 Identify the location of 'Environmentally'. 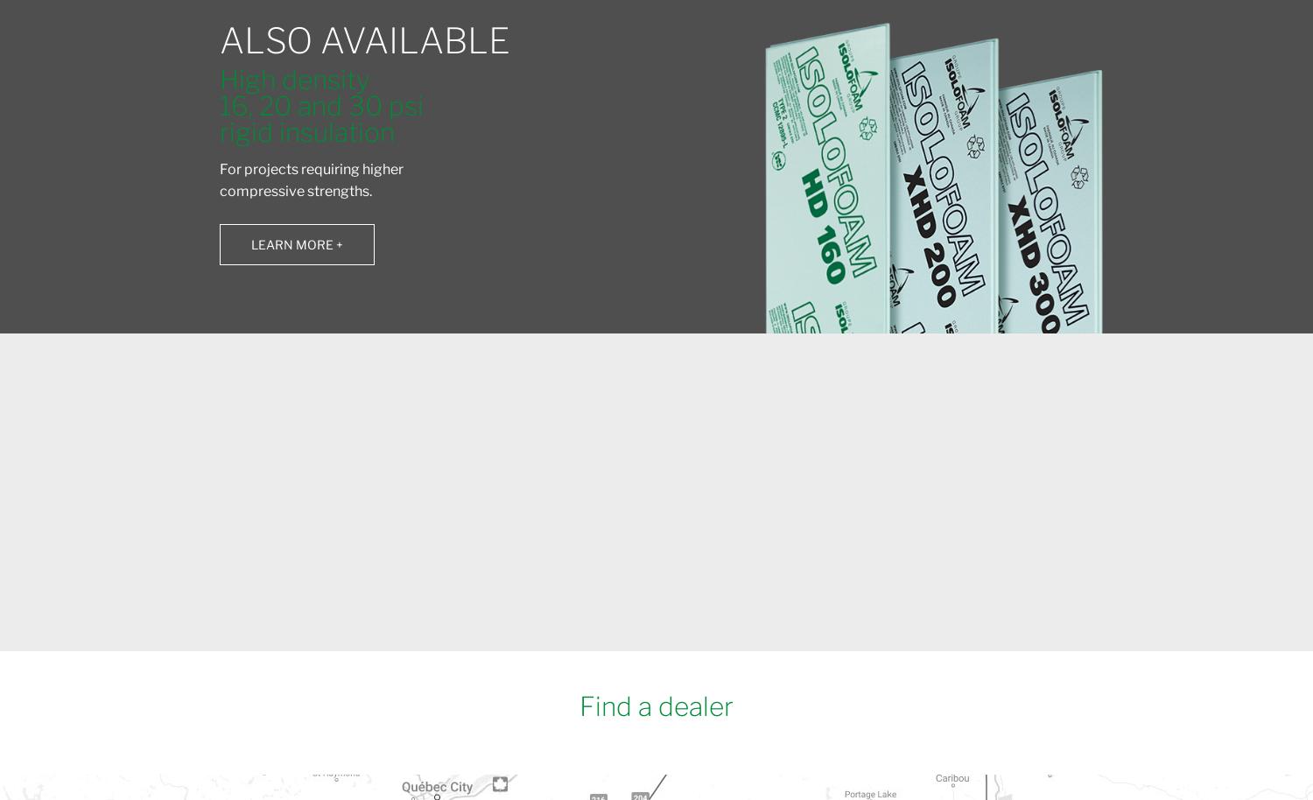
(341, 483).